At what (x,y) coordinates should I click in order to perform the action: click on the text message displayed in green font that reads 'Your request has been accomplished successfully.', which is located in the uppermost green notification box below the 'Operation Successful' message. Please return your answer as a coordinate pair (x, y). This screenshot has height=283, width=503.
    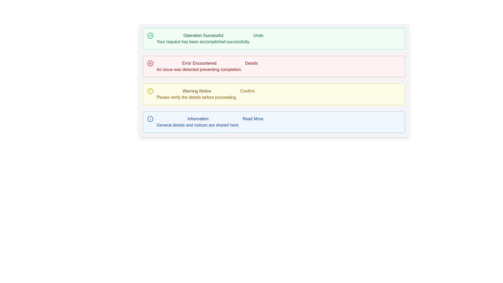
    Looking at the image, I should click on (203, 41).